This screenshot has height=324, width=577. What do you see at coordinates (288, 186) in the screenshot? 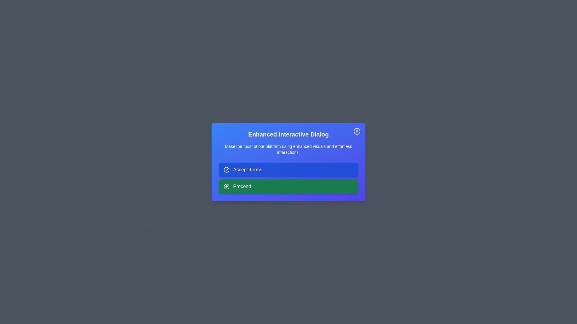
I see `the 'Proceed' button to proceed with the dialog` at bounding box center [288, 186].